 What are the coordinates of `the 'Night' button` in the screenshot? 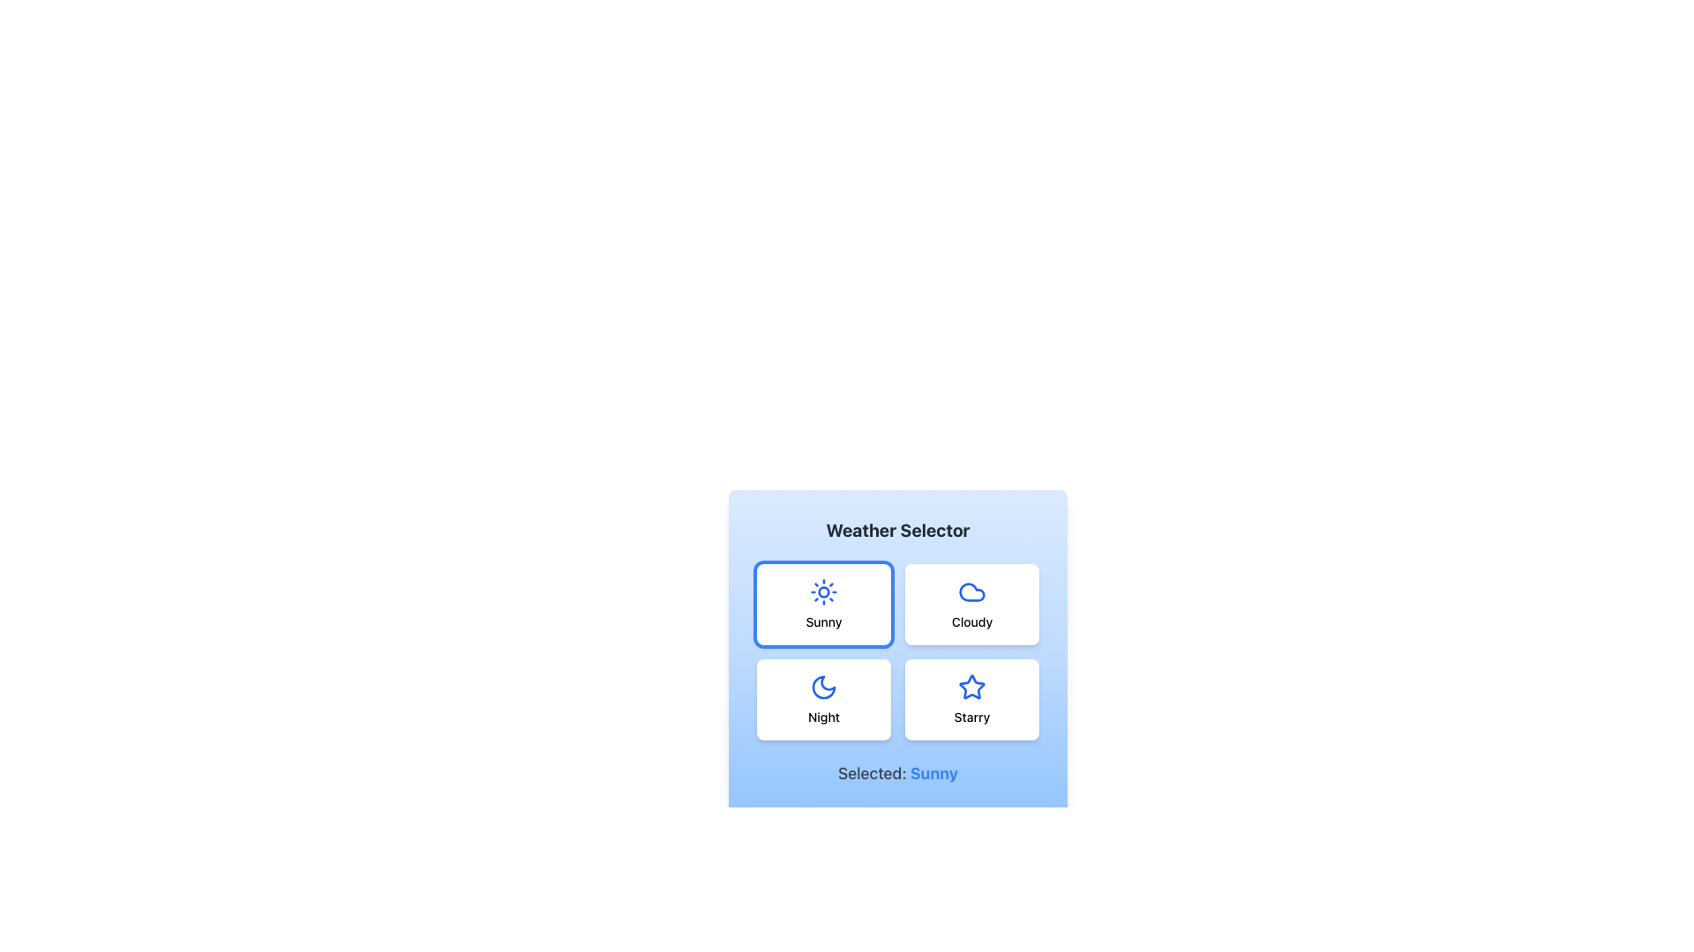 It's located at (823, 699).